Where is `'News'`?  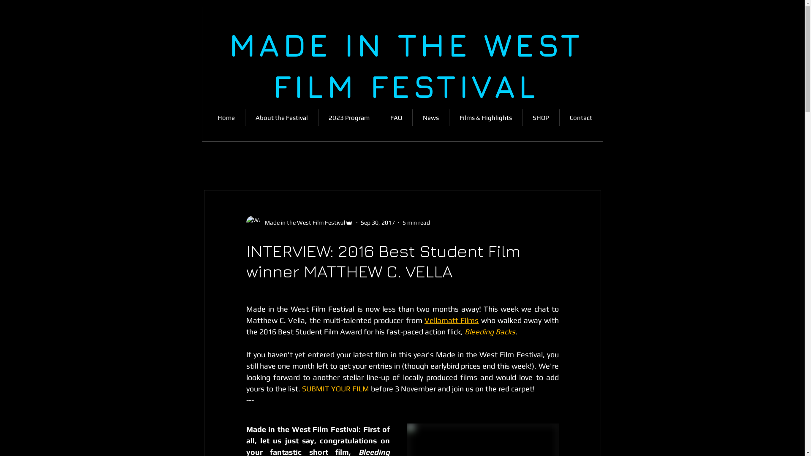
'News' is located at coordinates (430, 117).